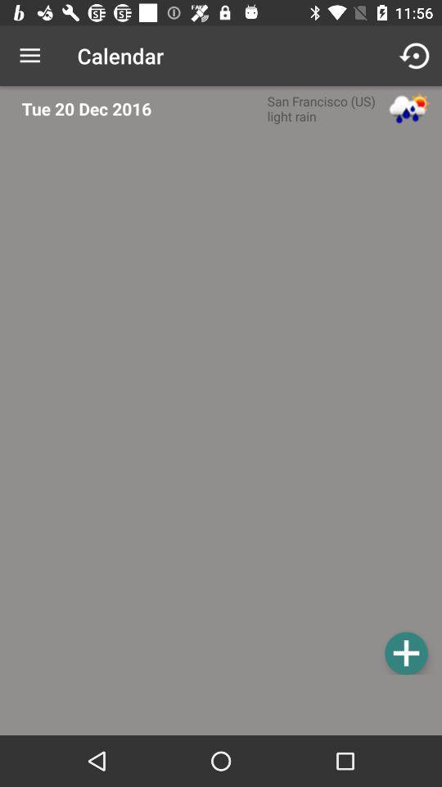  Describe the element at coordinates (405, 653) in the screenshot. I see `the event` at that location.